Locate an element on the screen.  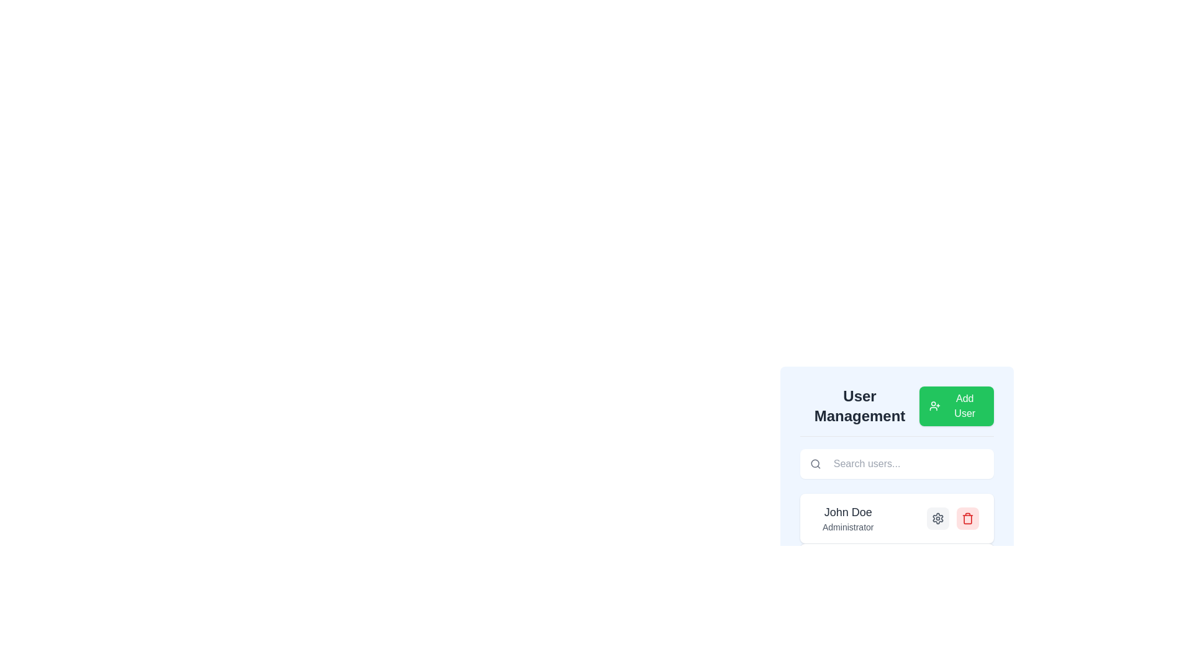
the text display component showing 'John Doe' and 'Administrator' is located at coordinates (847, 519).